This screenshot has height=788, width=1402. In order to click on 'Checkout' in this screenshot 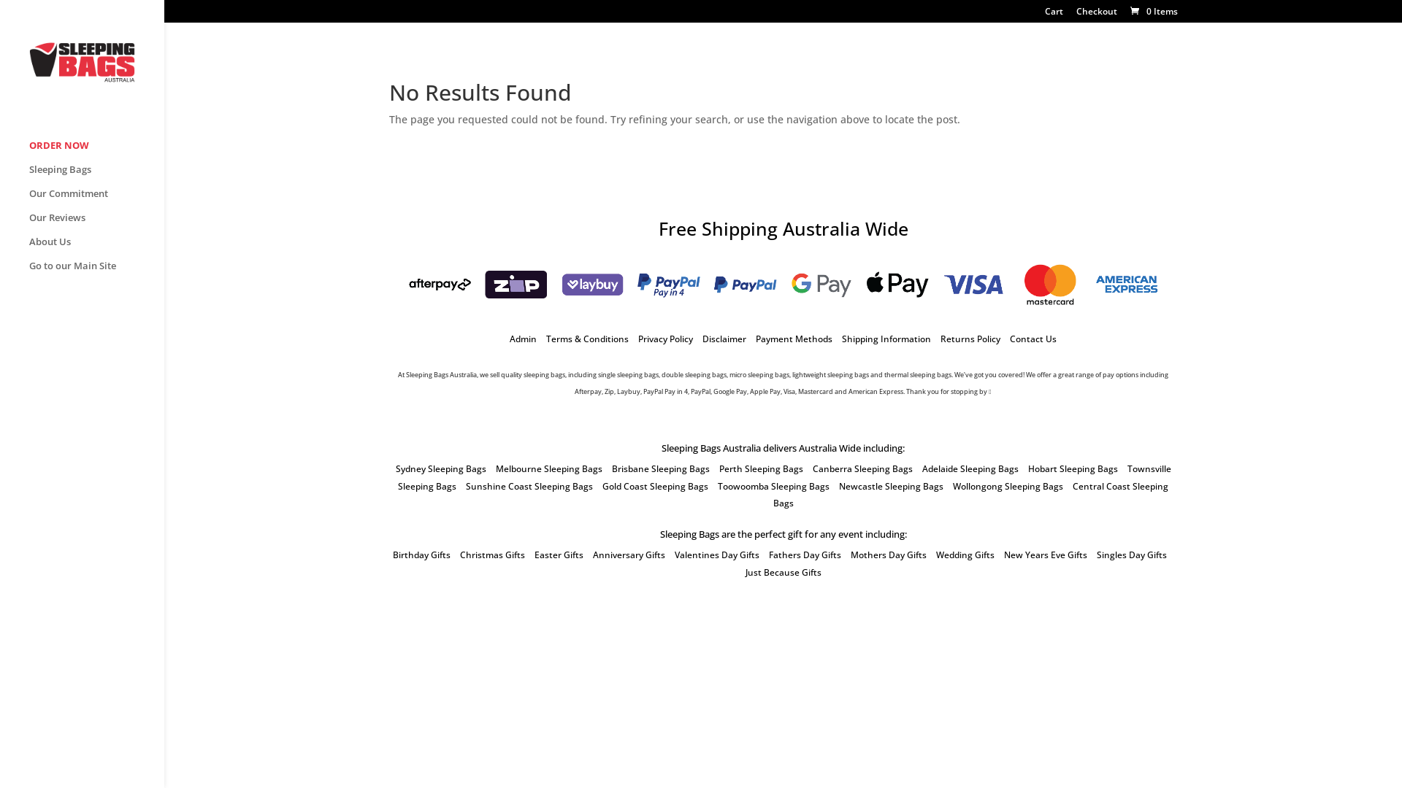, I will do `click(1076, 15)`.